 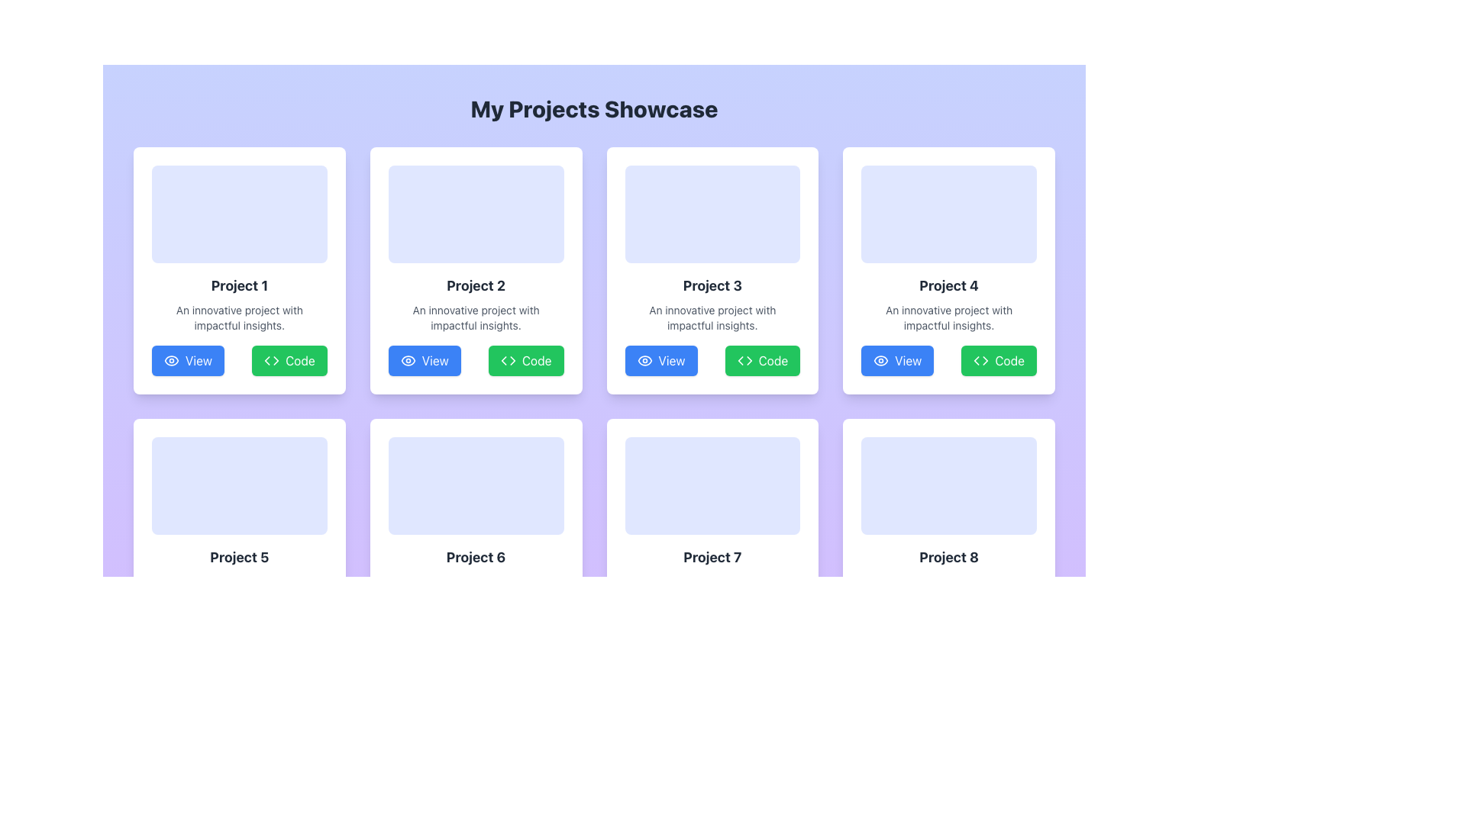 I want to click on the text element labeled 'Project 7' which is styled in bold, dark-gray font and located at the bottom of the 7th card in a grid layout, so click(x=712, y=558).